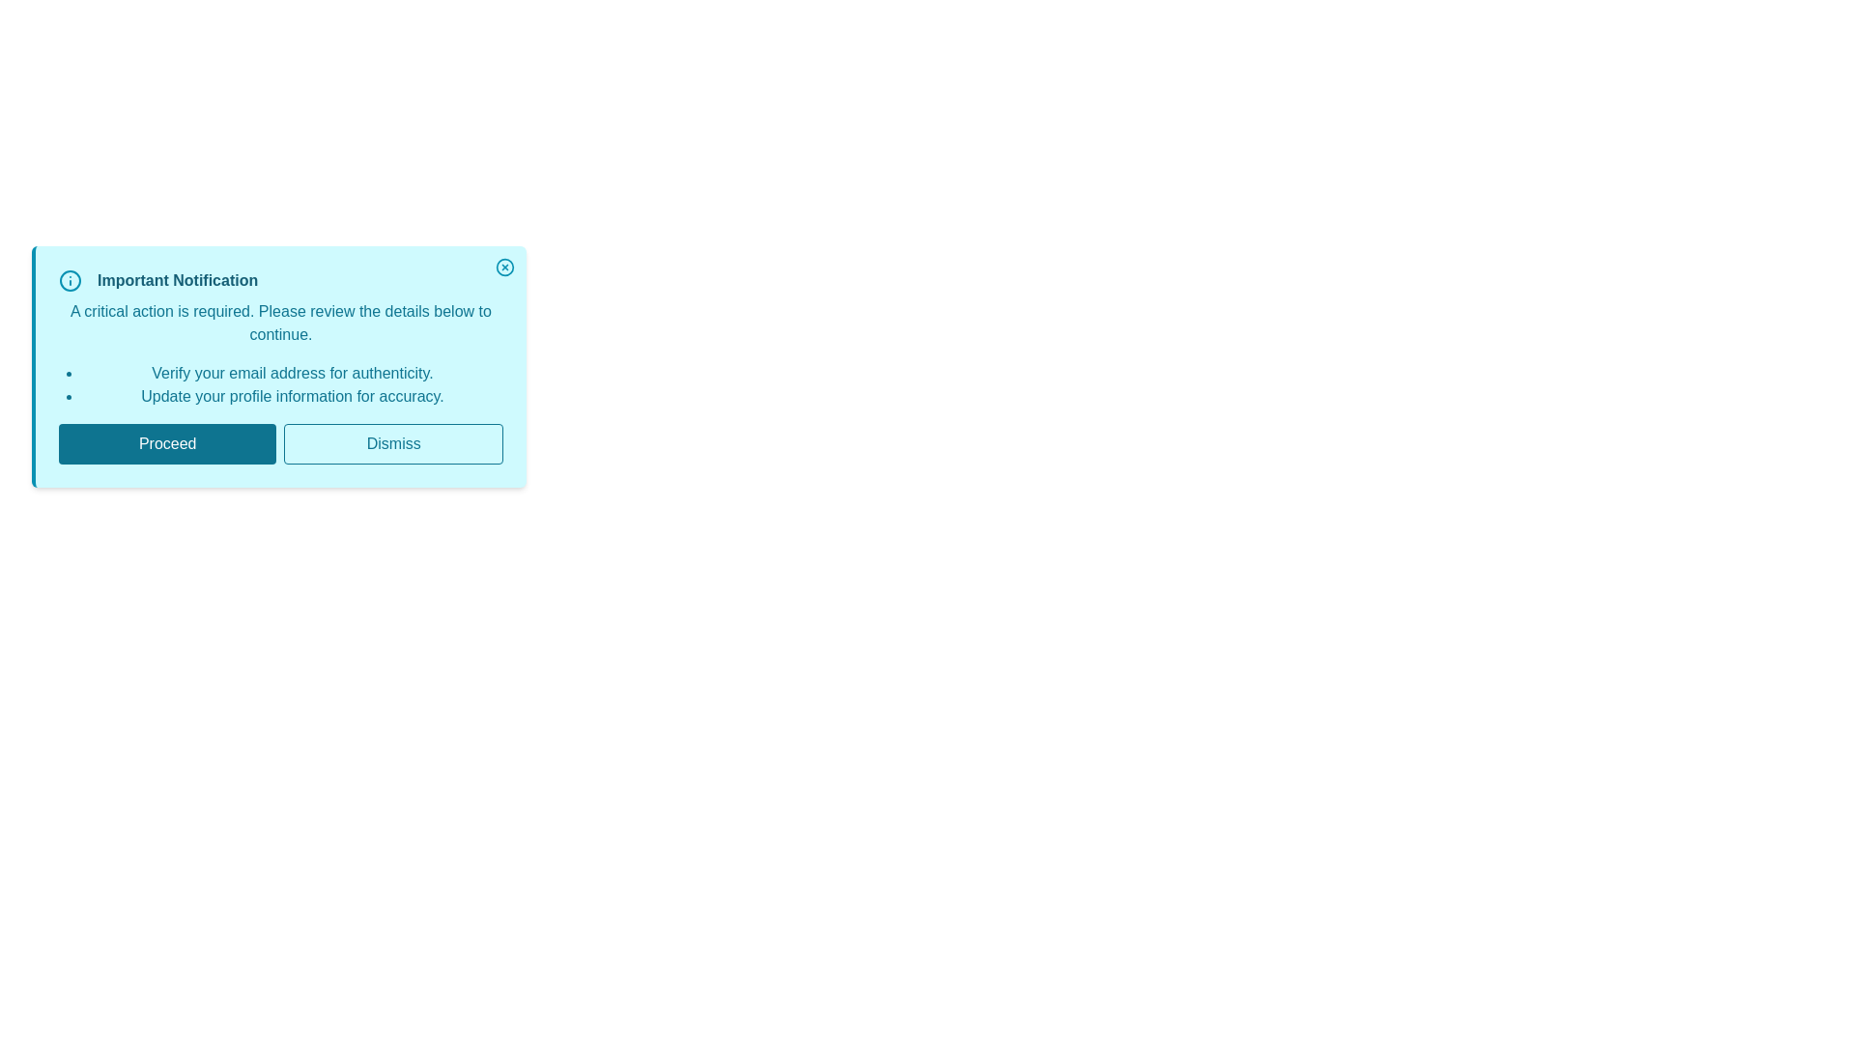 This screenshot has height=1043, width=1855. I want to click on the close button to dismiss the notification, so click(505, 268).